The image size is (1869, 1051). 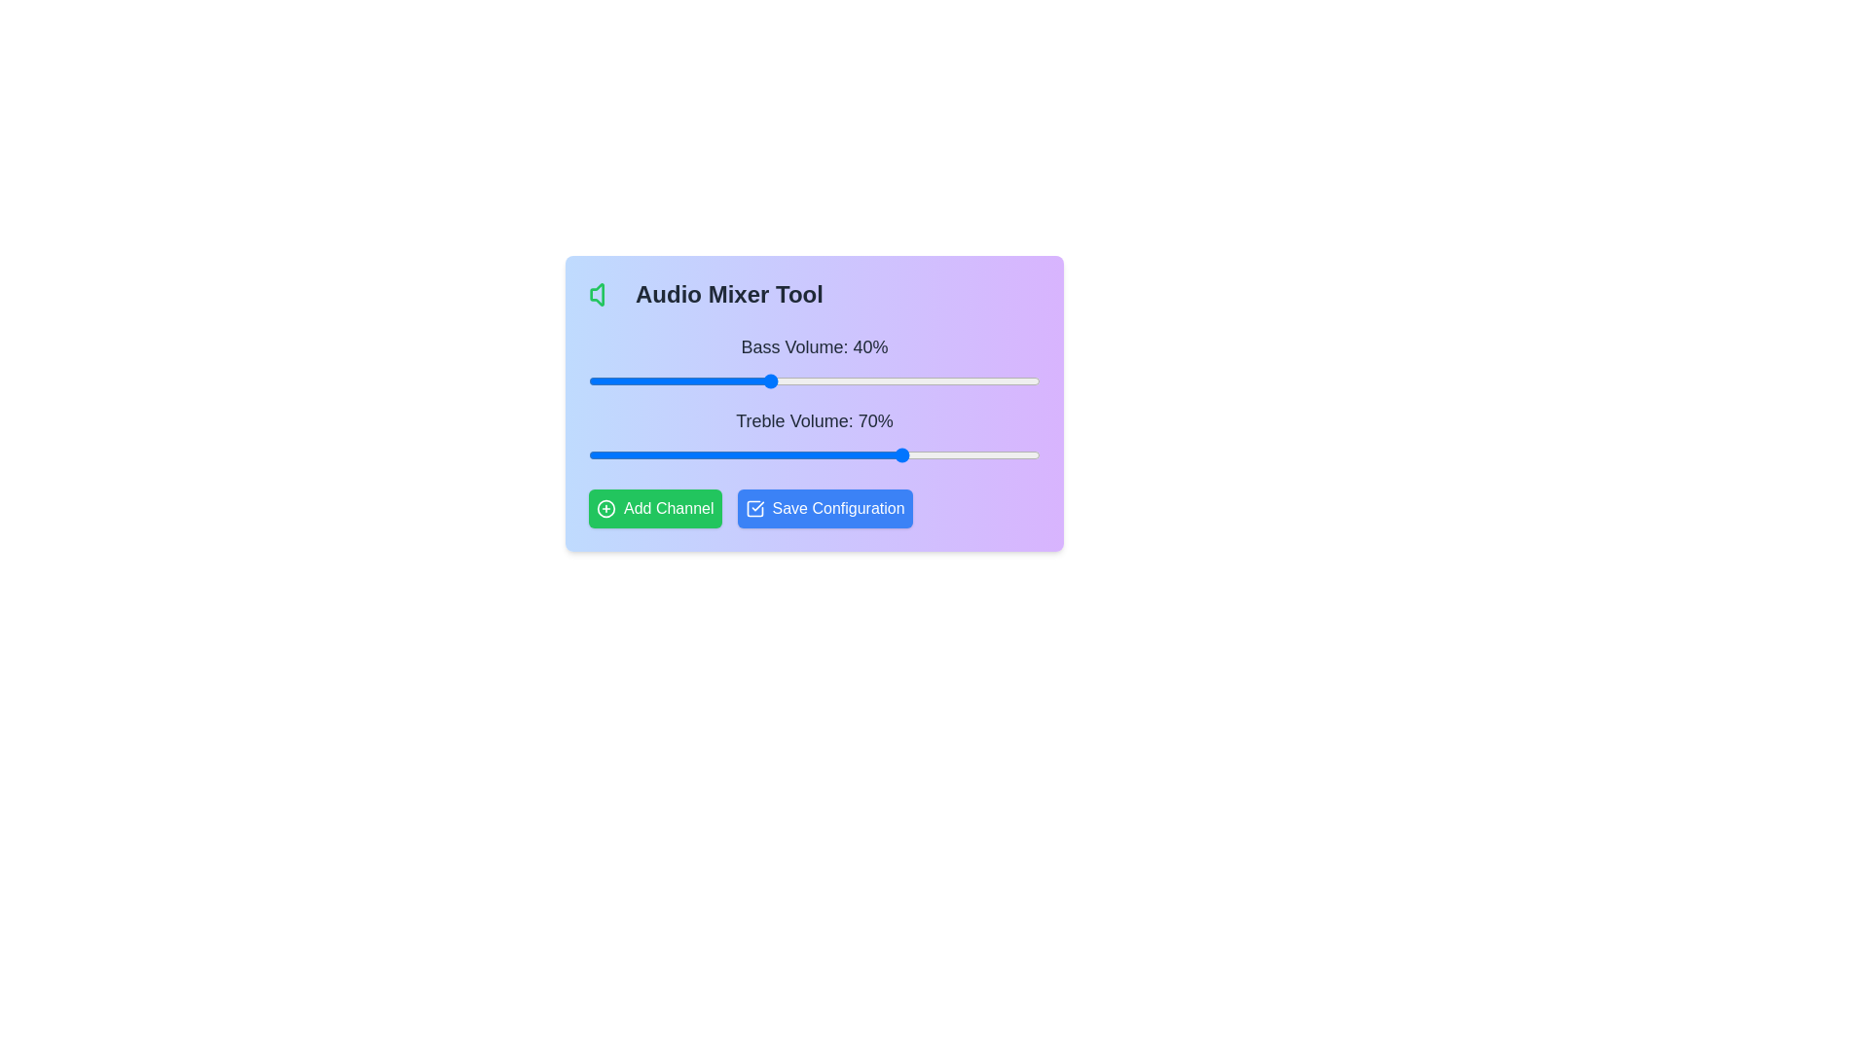 What do you see at coordinates (814, 346) in the screenshot?
I see `the text label that reads 'Bass Volume: 40%', which is styled in bold dark gray font and located above the bass volume slider in the audio mixer controls` at bounding box center [814, 346].